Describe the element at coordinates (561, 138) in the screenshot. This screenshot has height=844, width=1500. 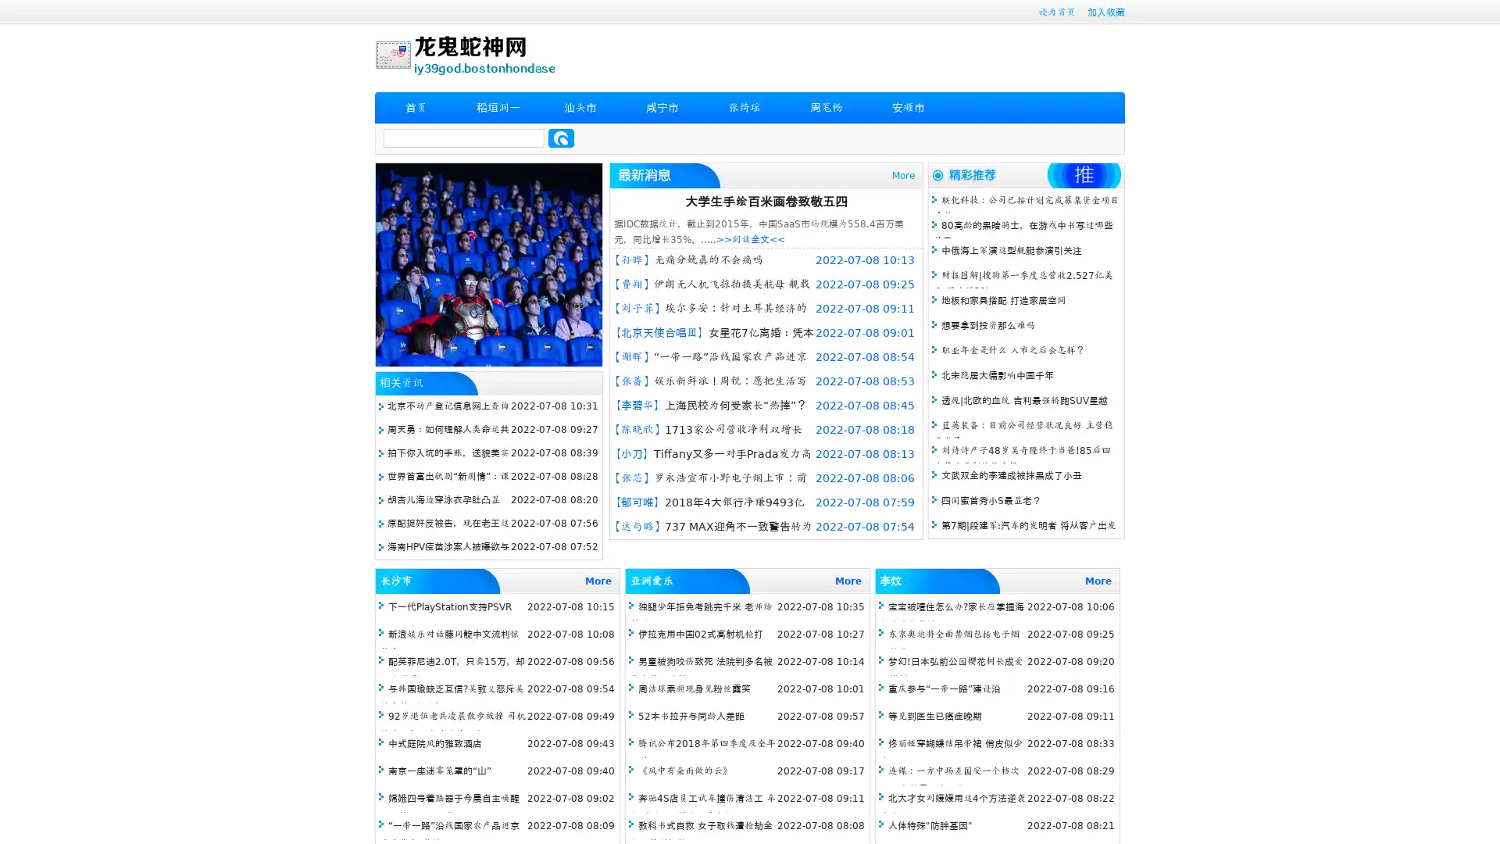
I see `Search` at that location.